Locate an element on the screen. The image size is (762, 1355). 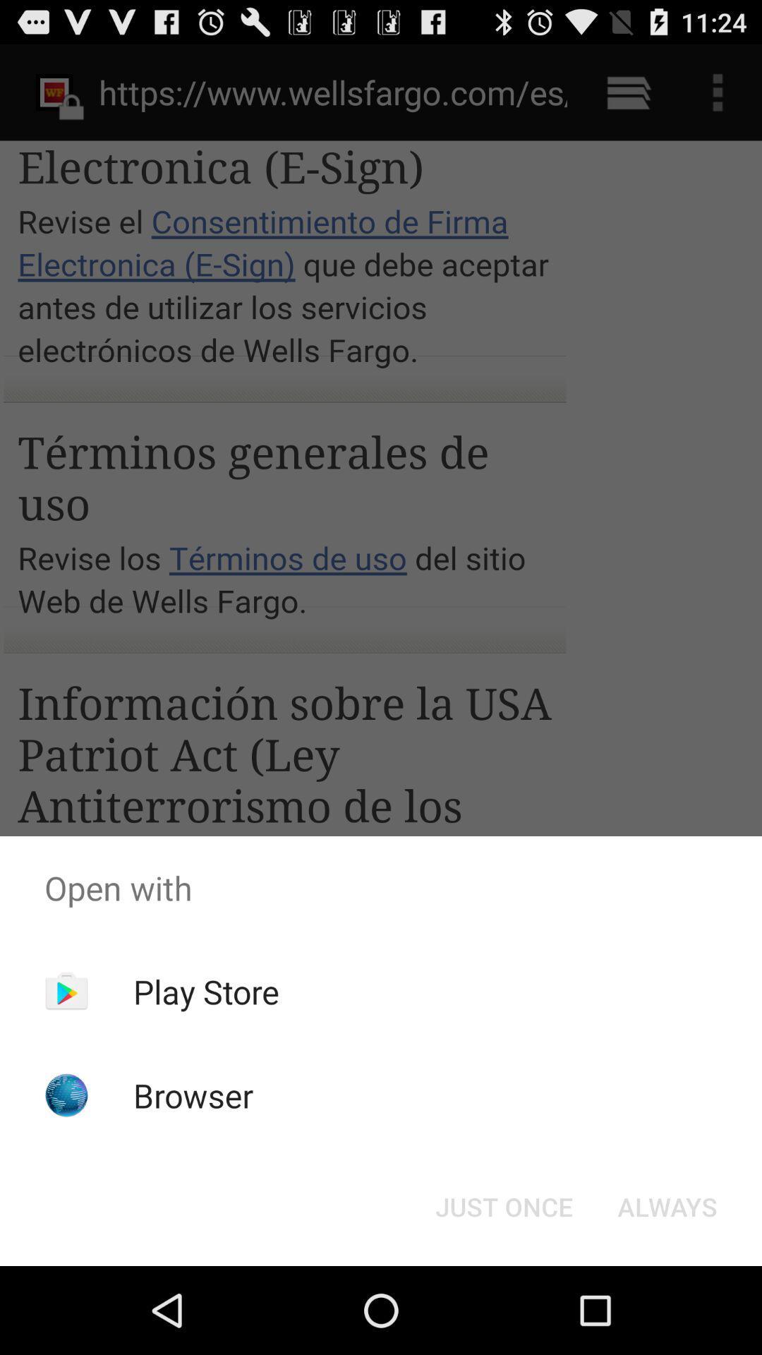
play store app is located at coordinates (206, 991).